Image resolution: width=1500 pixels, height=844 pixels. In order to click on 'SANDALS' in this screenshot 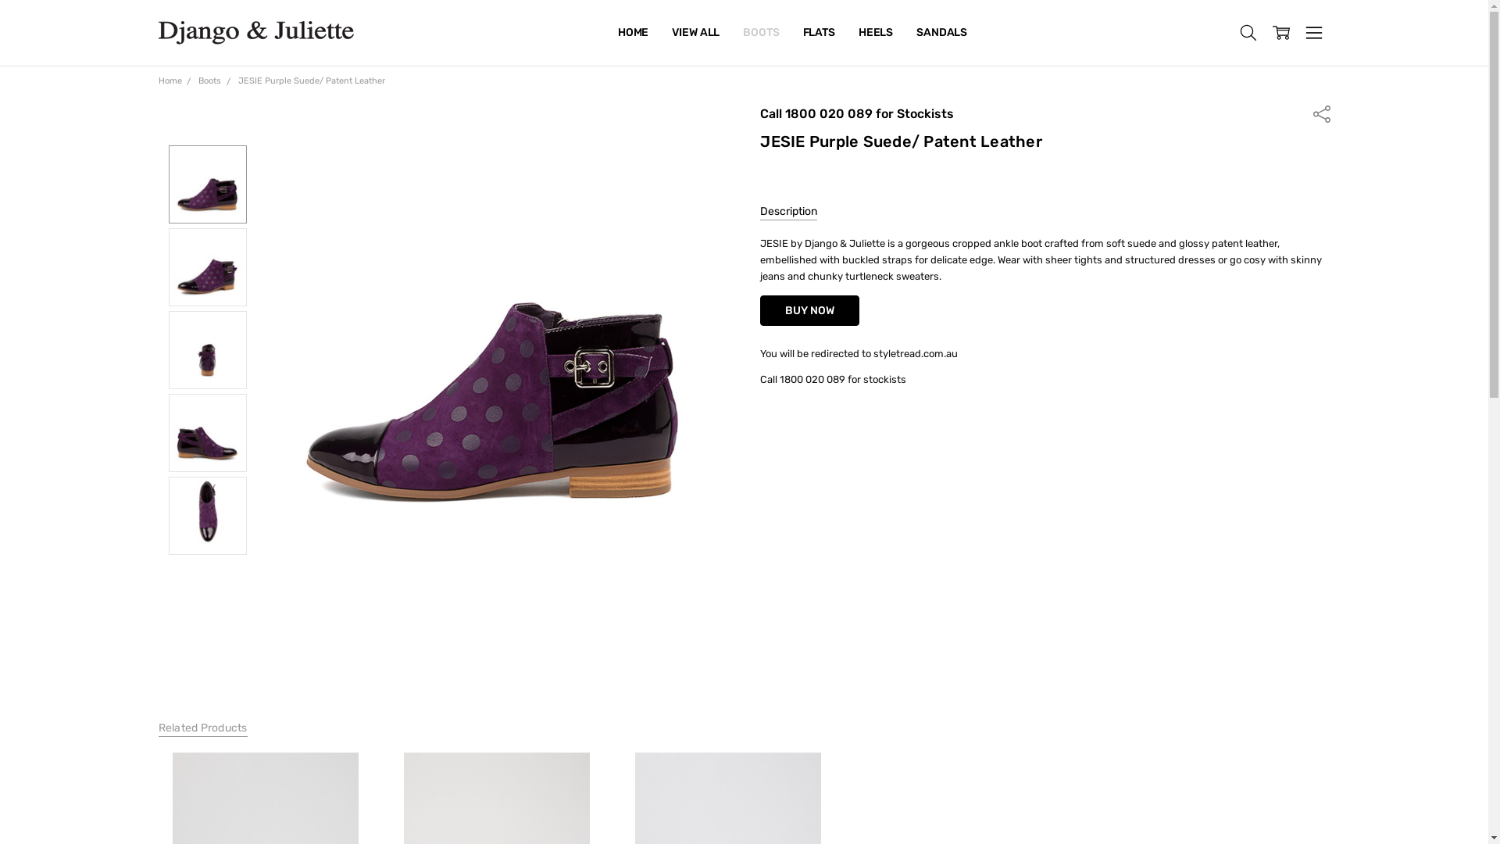, I will do `click(941, 33)`.